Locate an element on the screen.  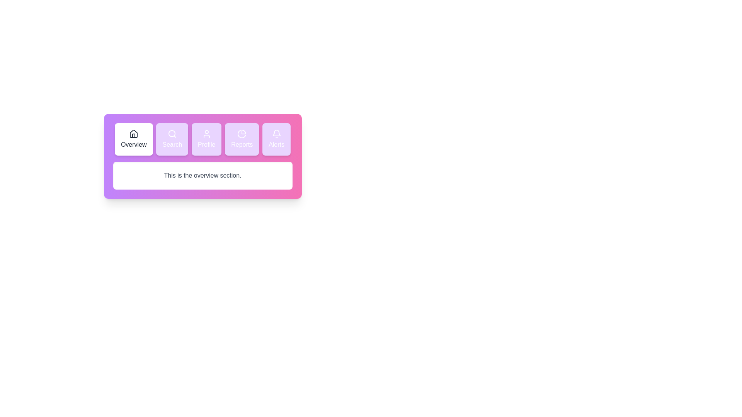
the fourth text label in the horizontal menu that provides labeling for the bell icon is located at coordinates (276, 144).